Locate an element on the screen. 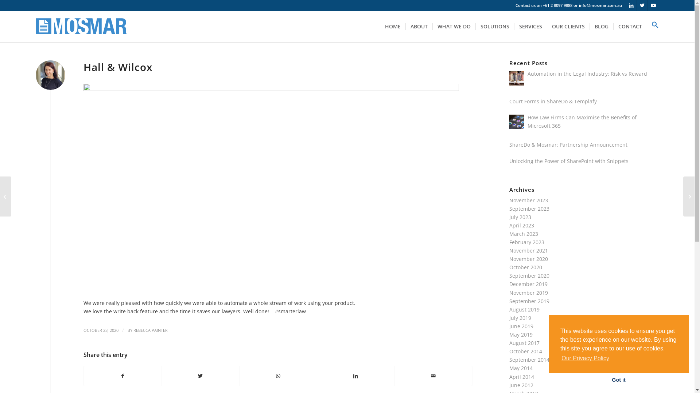  'BLOG' is located at coordinates (601, 26).